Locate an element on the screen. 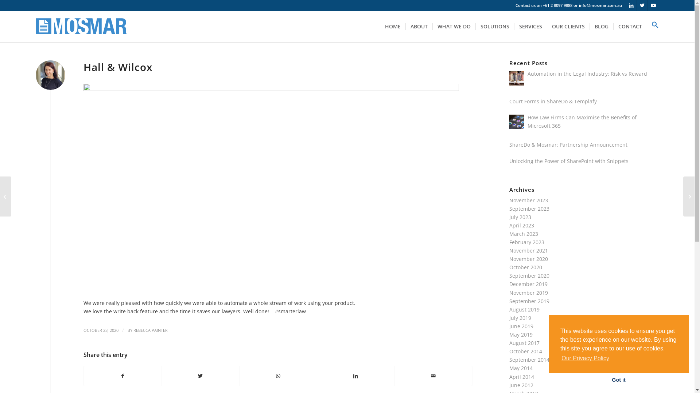  'BLOG' is located at coordinates (601, 26).